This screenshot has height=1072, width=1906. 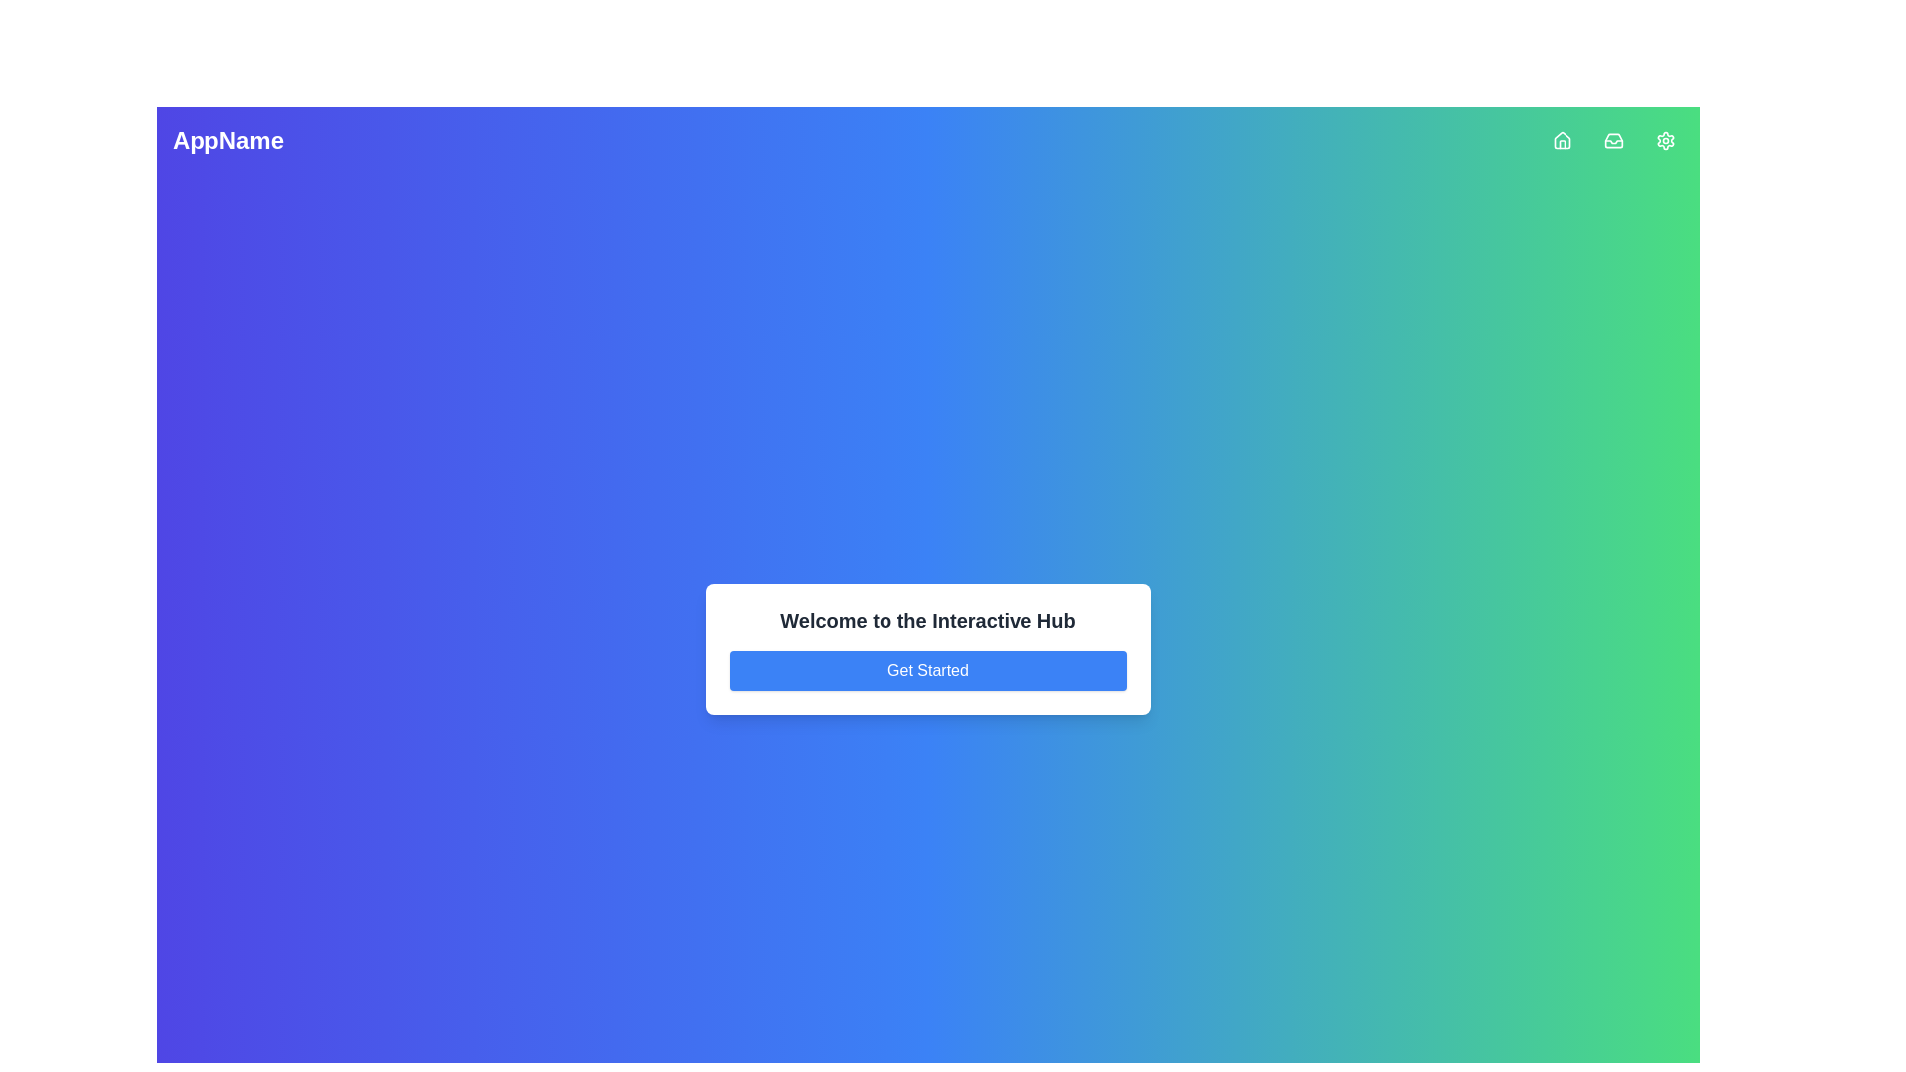 What do you see at coordinates (1614, 140) in the screenshot?
I see `the inbox icon located in the top-right corner of the interface` at bounding box center [1614, 140].